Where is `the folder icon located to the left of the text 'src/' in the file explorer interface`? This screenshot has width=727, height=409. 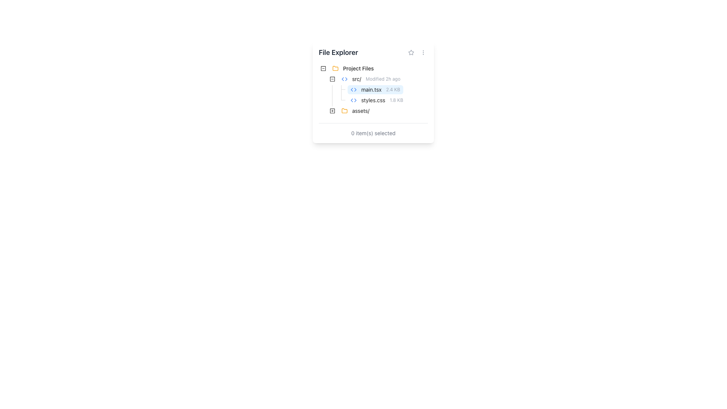 the folder icon located to the left of the text 'src/' in the file explorer interface is located at coordinates (344, 79).